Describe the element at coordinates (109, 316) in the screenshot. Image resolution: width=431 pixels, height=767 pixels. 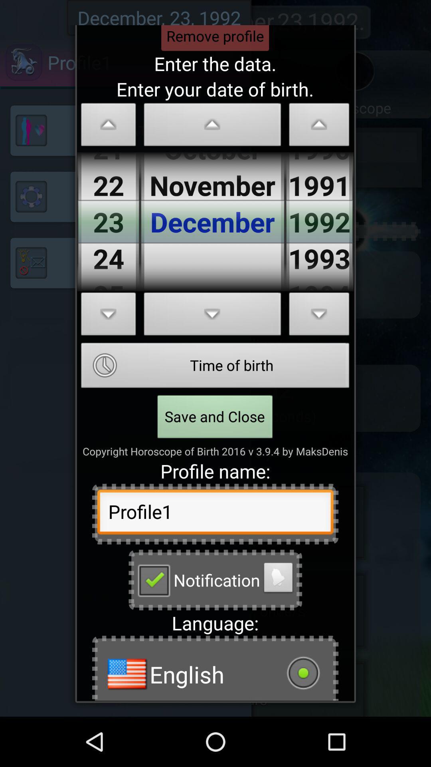
I see `go down` at that location.